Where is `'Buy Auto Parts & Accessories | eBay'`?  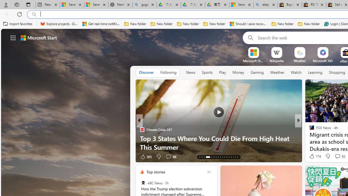
'Buy Auto Parts & Accessories | eBay' is located at coordinates (289, 5).